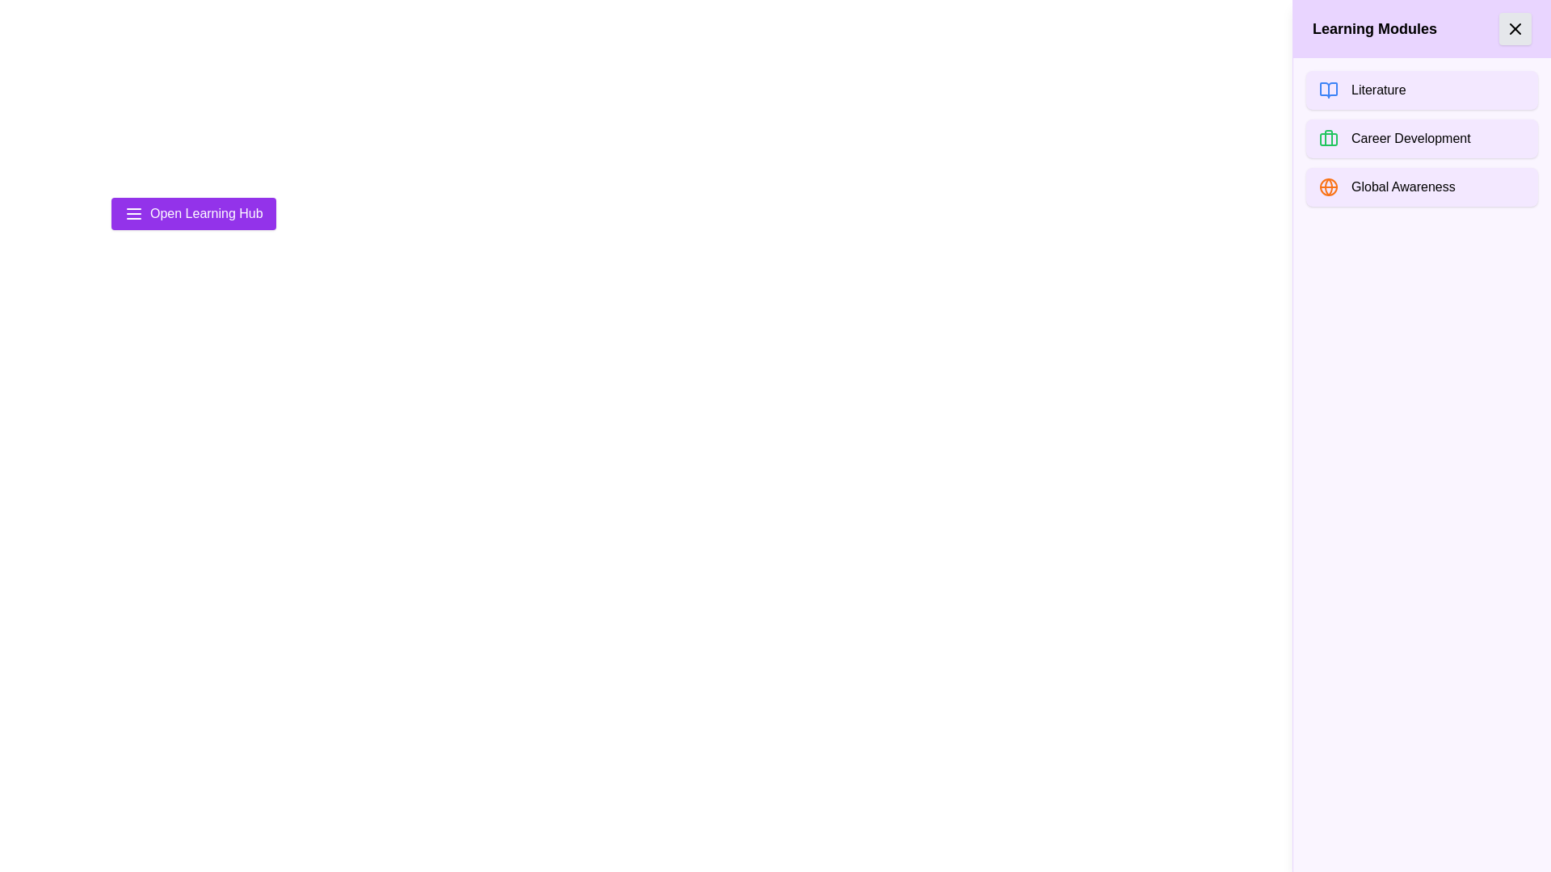 This screenshot has height=872, width=1551. I want to click on the 'Career Development' module to select it, so click(1422, 138).